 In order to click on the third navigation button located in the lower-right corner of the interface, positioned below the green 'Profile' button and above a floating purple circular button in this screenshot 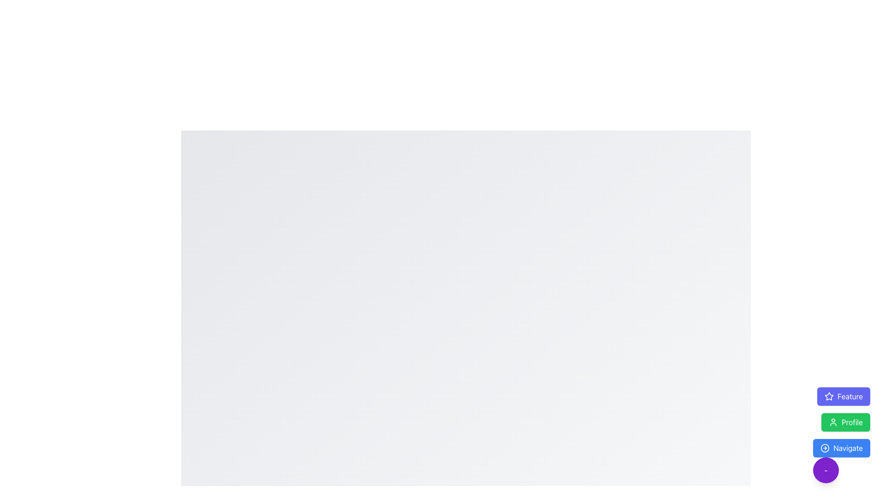, I will do `click(842, 448)`.